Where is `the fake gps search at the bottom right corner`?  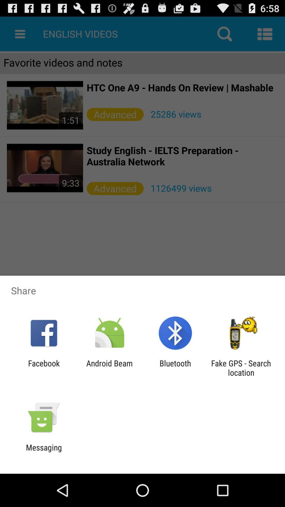 the fake gps search at the bottom right corner is located at coordinates (241, 368).